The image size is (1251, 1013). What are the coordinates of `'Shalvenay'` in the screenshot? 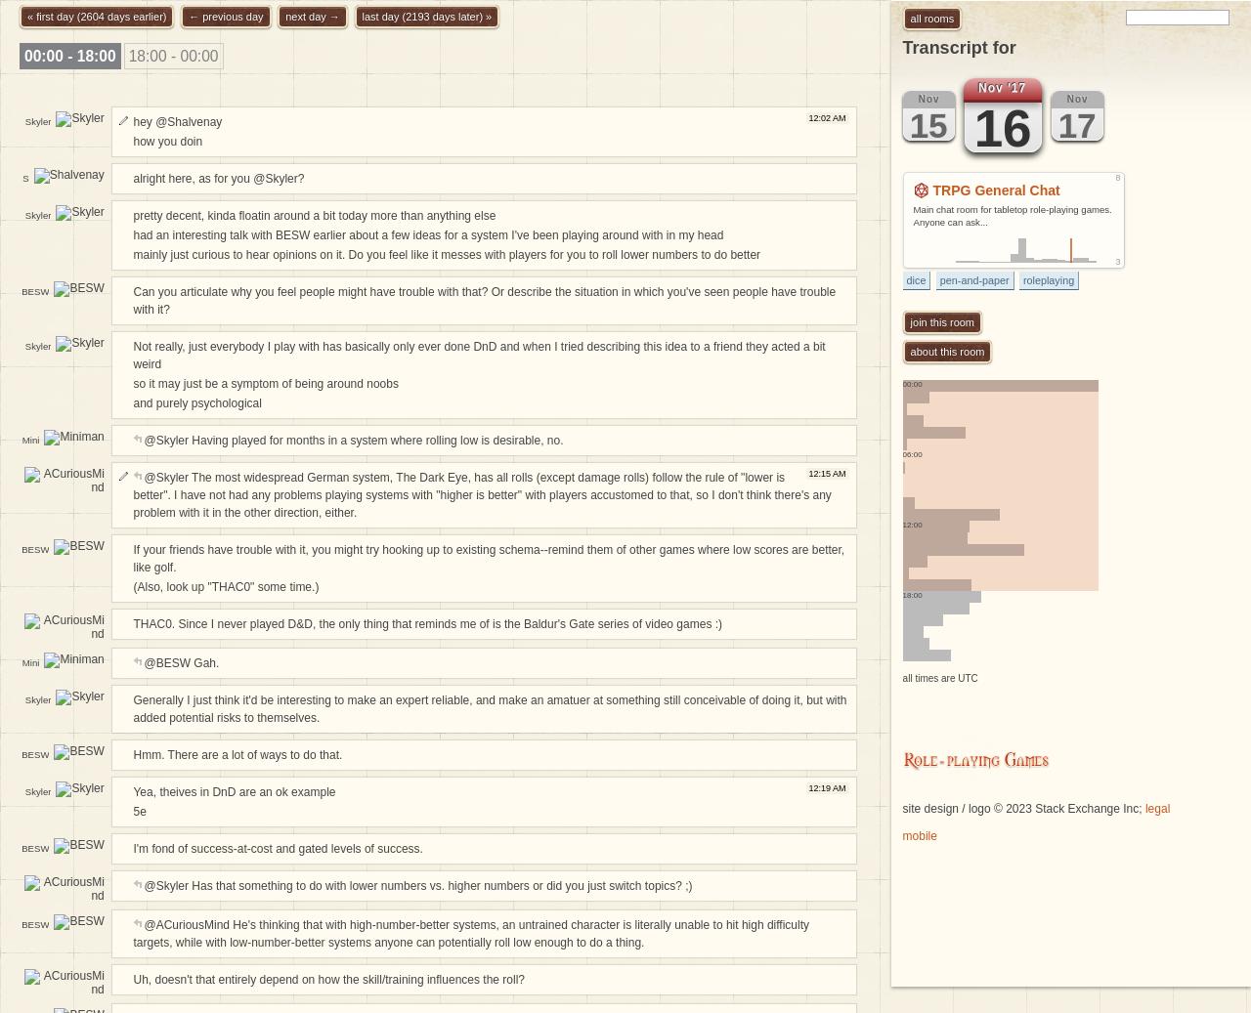 It's located at (24, 216).